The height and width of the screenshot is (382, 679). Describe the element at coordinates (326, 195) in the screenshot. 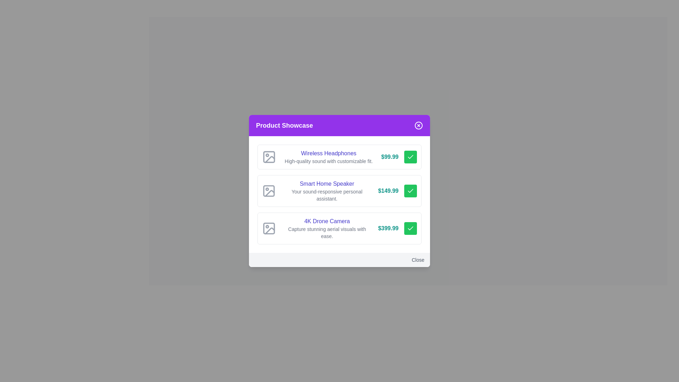

I see `descriptive text element that says 'Your sound-responsive personal assistant.' positioned below the heading 'Smart Home Speaker.'` at that location.